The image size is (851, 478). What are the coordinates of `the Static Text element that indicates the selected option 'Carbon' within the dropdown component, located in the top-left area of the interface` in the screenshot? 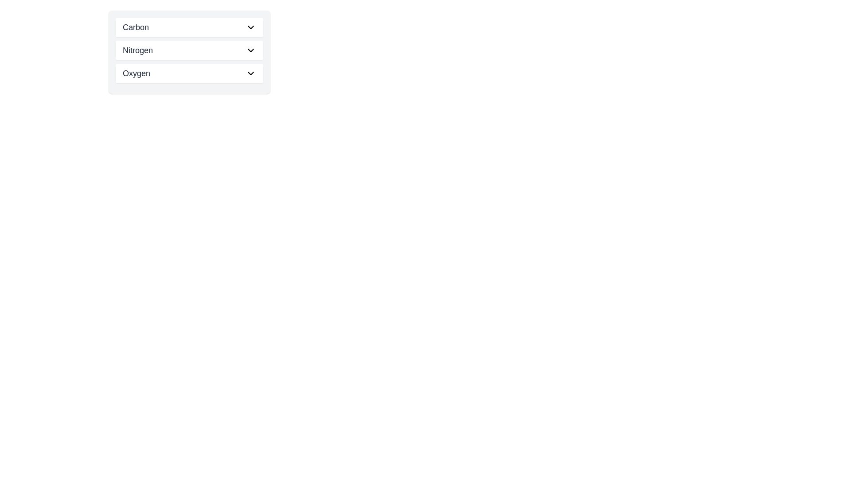 It's located at (135, 27).